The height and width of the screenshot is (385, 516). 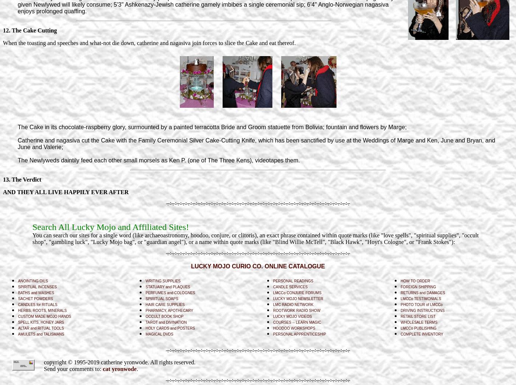 I want to click on 'Send your comments to:', so click(x=73, y=368).